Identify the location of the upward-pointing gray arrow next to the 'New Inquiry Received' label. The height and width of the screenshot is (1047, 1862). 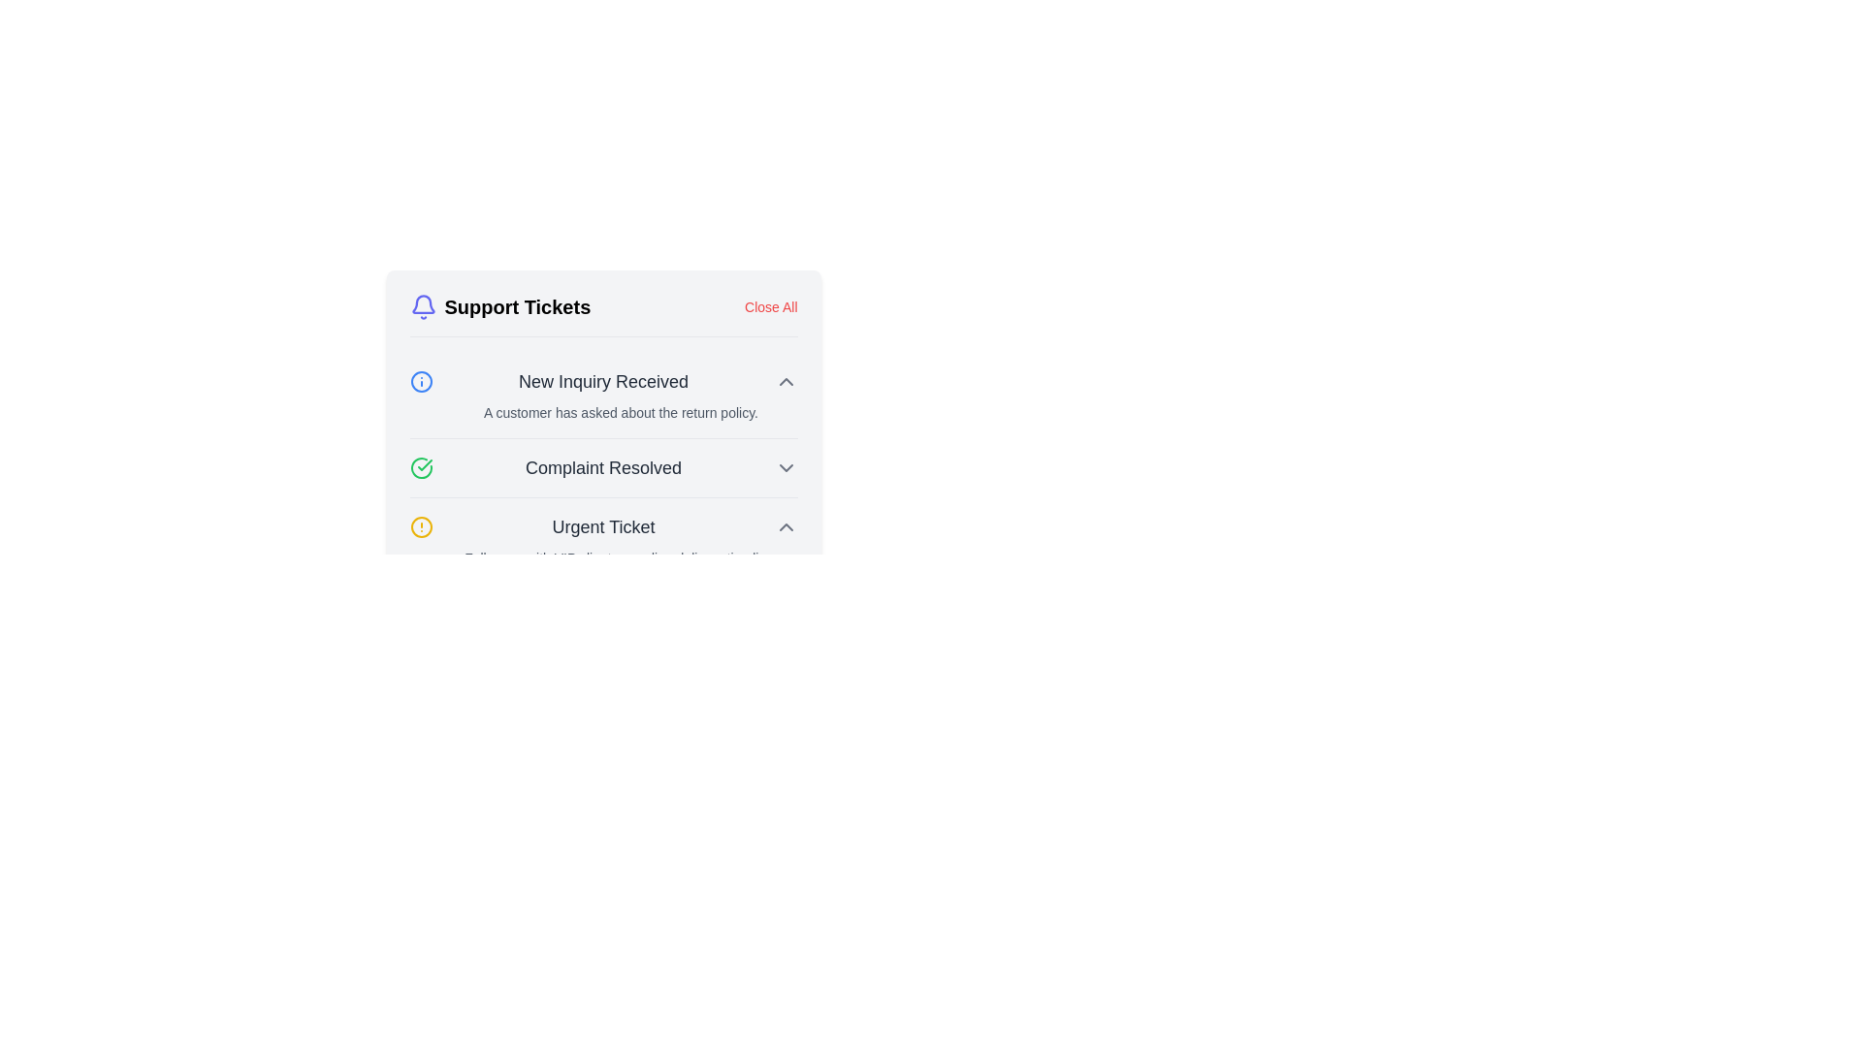
(786, 381).